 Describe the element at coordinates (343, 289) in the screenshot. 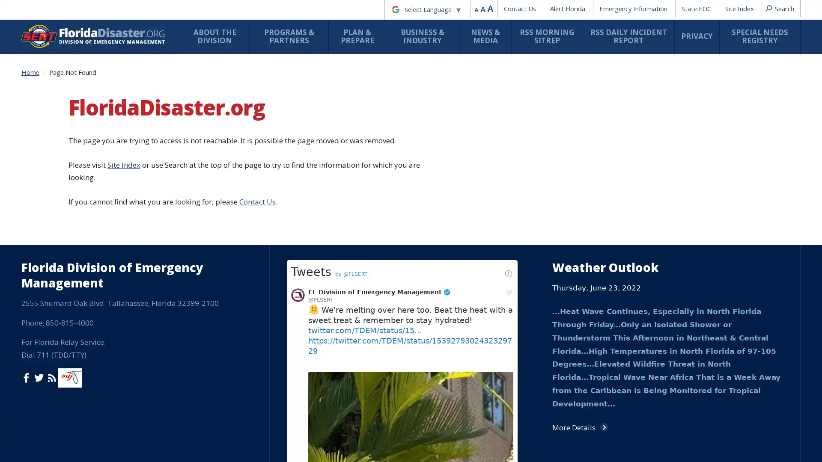

I see `Toggle More` at that location.